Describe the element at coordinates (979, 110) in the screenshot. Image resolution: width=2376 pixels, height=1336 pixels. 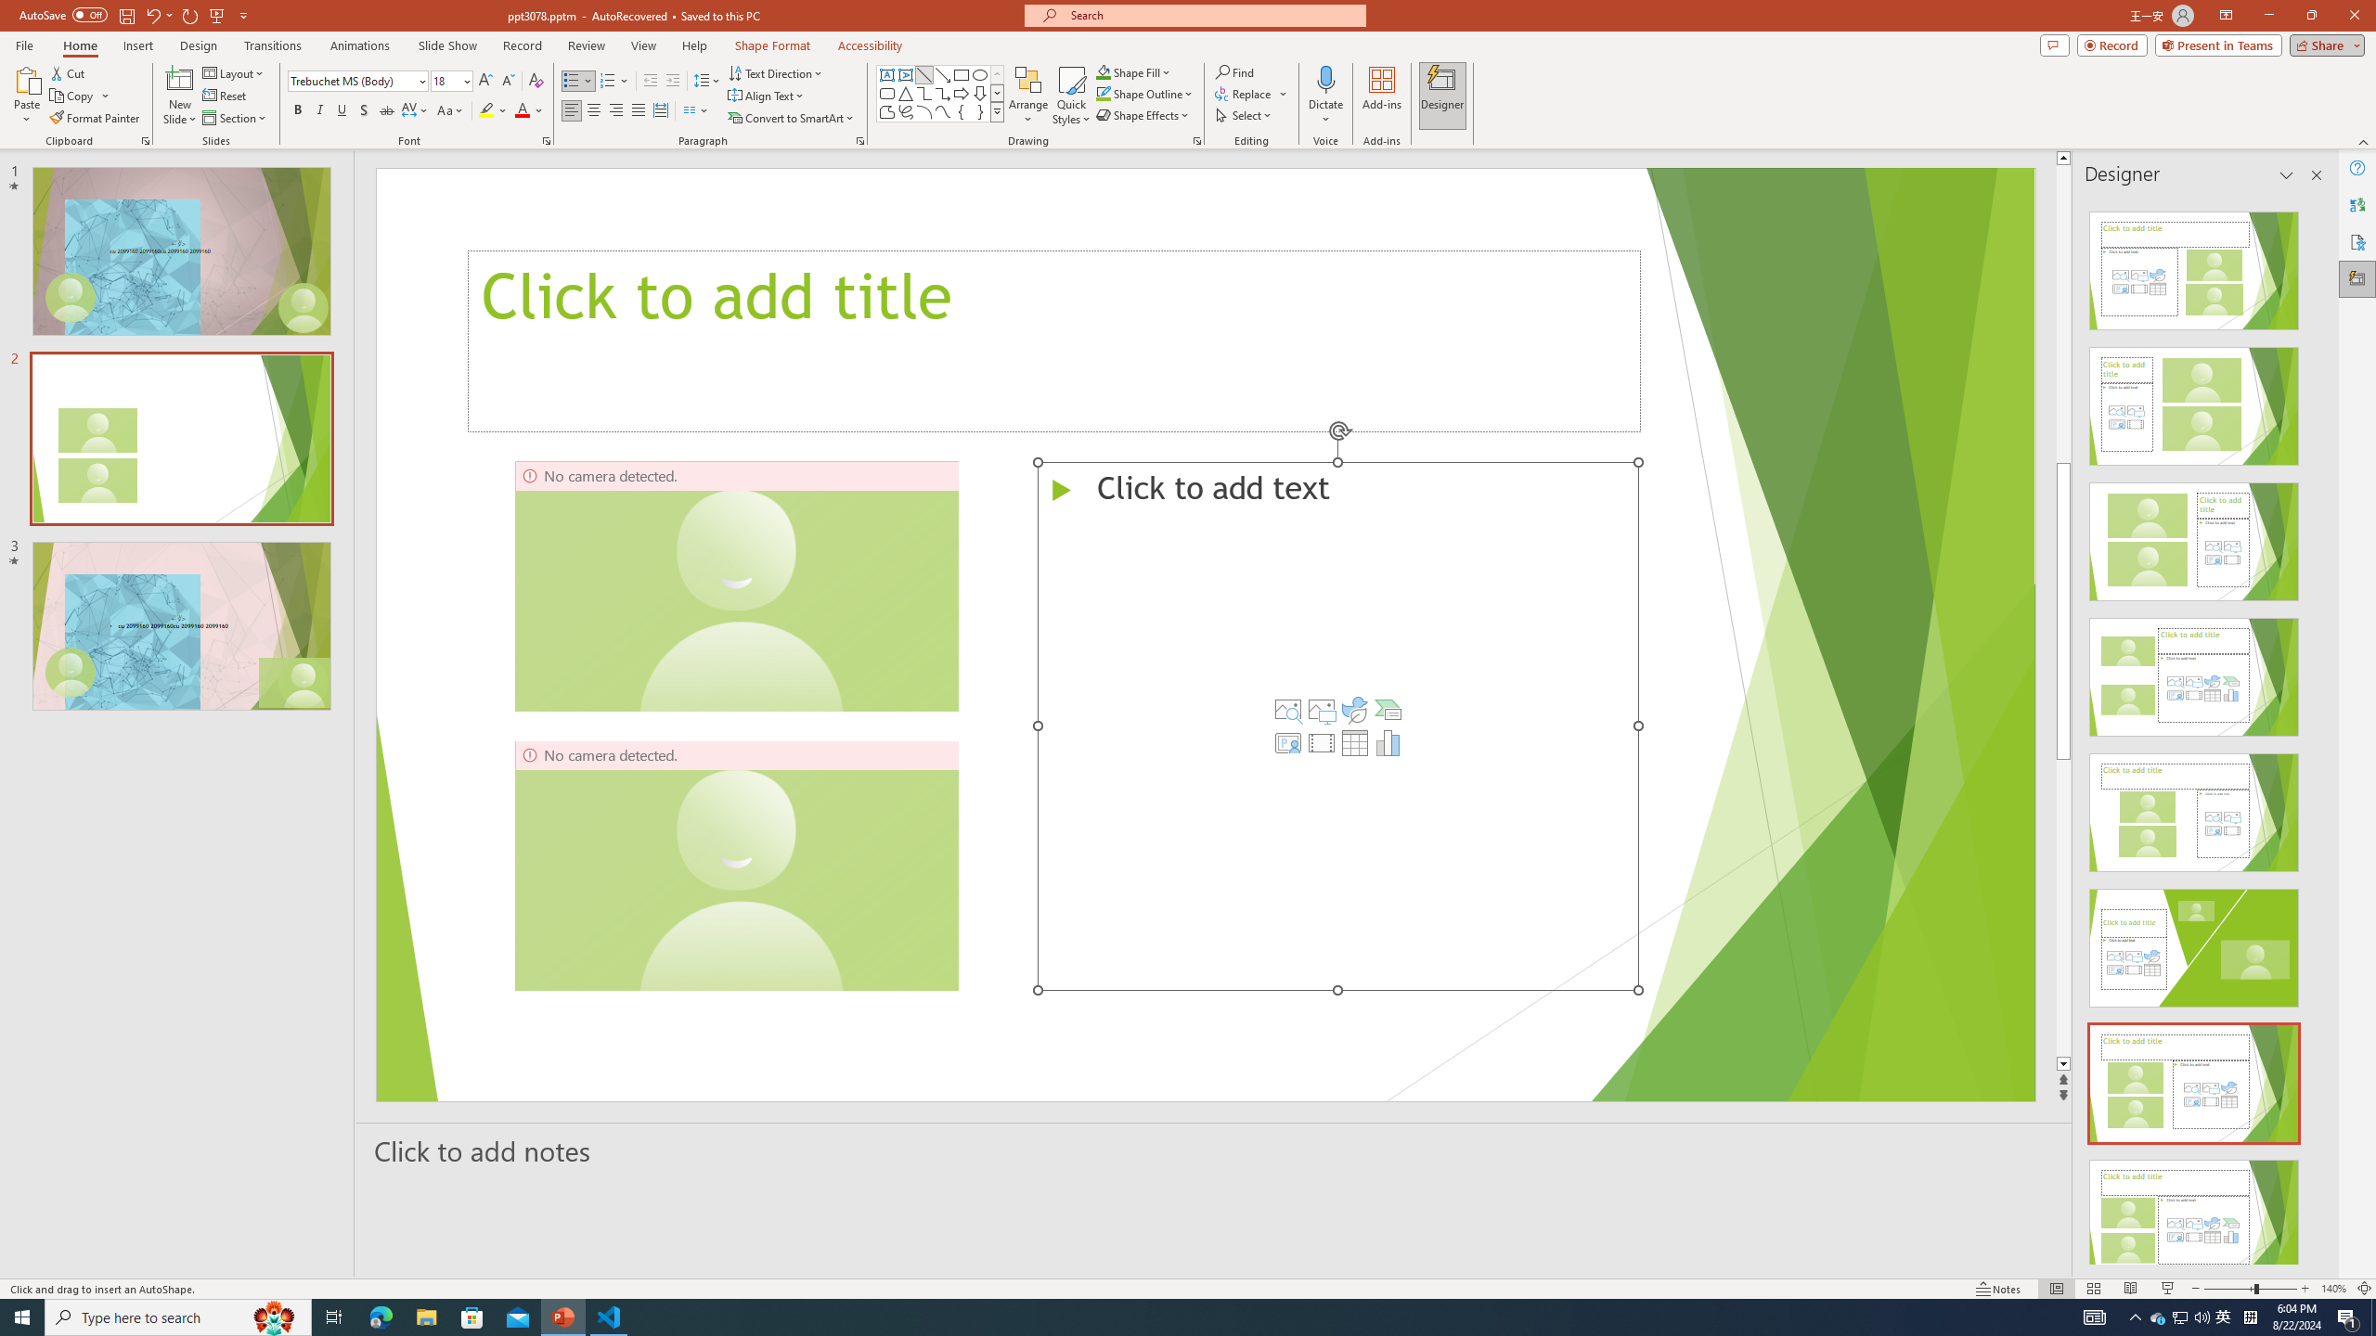
I see `'Right Brace'` at that location.